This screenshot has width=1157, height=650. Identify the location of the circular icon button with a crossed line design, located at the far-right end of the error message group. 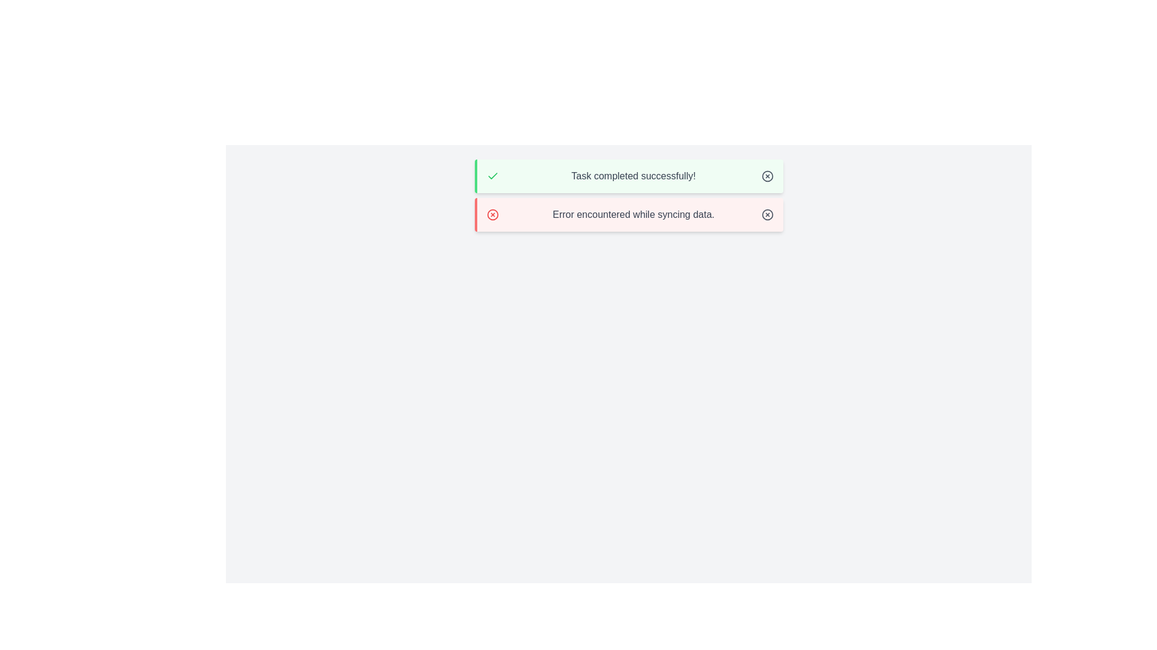
(767, 214).